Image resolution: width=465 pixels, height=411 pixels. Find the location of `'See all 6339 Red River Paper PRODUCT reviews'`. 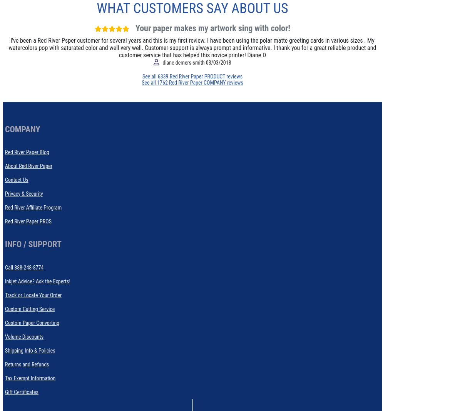

'See all 6339 Red River Paper PRODUCT reviews' is located at coordinates (192, 76).